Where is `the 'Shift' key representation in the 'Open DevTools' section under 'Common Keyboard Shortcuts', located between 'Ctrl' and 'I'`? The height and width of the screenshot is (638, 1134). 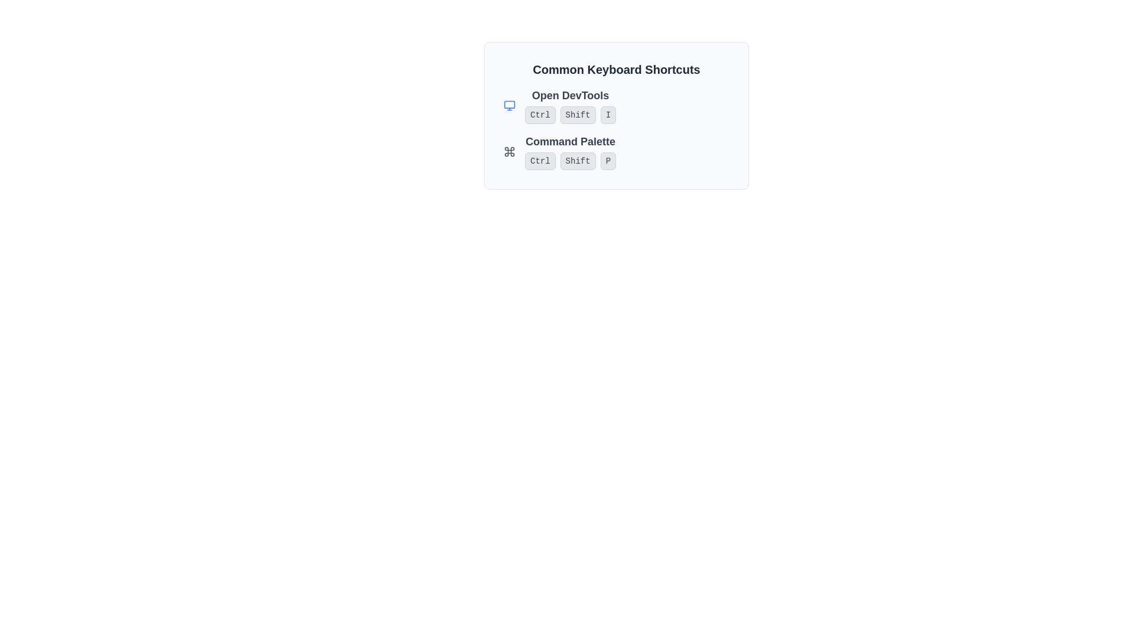
the 'Shift' key representation in the 'Open DevTools' section under 'Common Keyboard Shortcuts', located between 'Ctrl' and 'I' is located at coordinates (578, 115).